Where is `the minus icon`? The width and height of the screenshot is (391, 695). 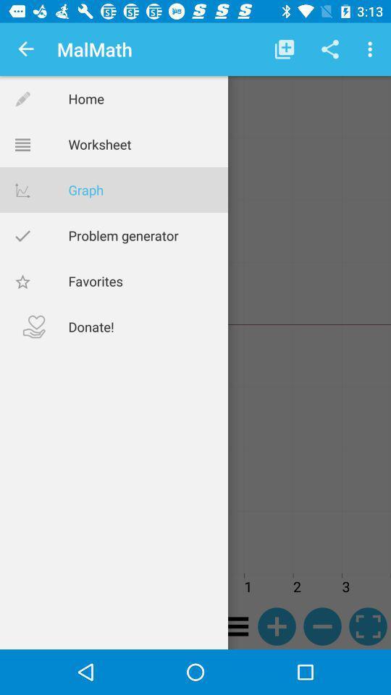
the minus icon is located at coordinates (322, 625).